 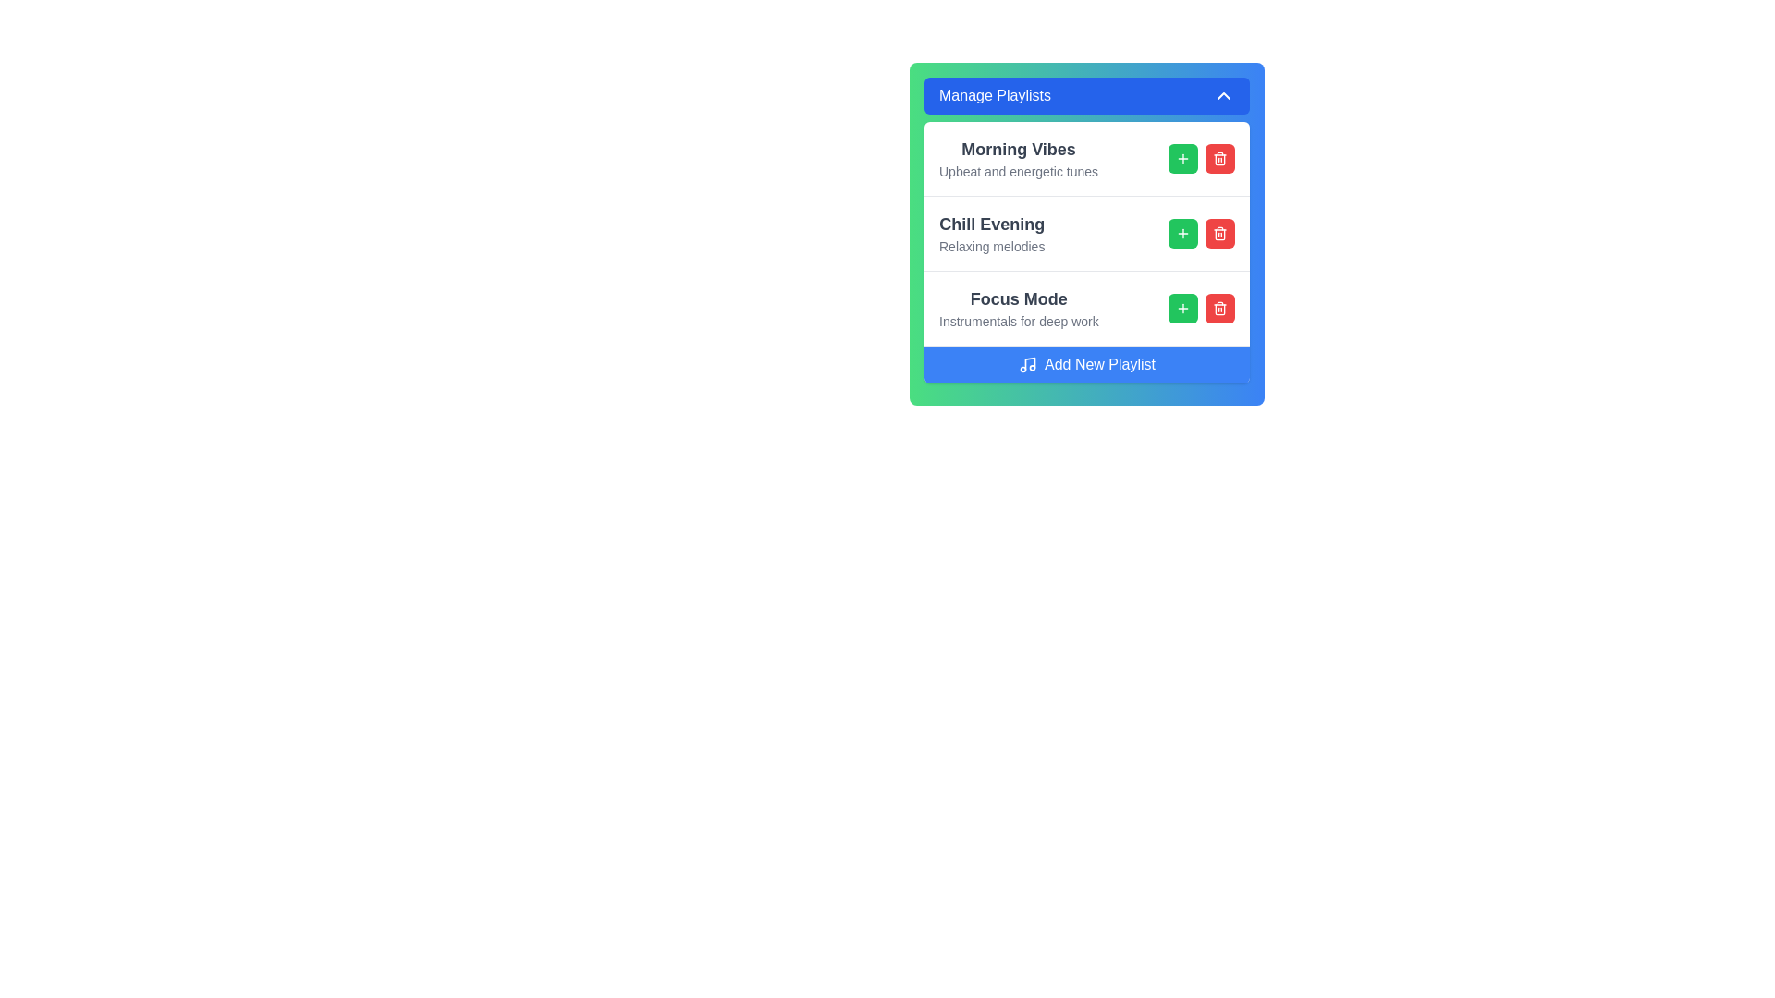 I want to click on the text block that serves as the title and subtitle for the 'Focus Mode' playlist item, located in the third item of the vertical playlist section, so click(x=1018, y=308).